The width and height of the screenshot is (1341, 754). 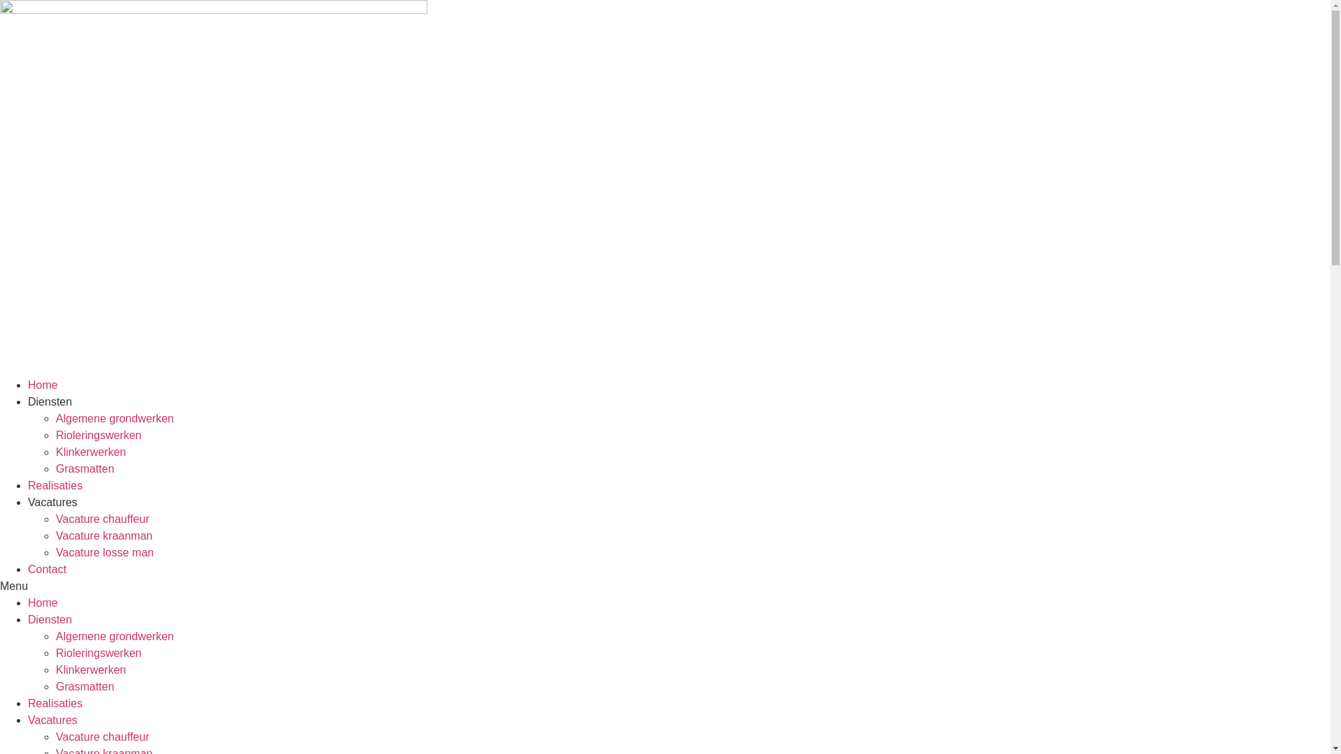 What do you see at coordinates (115, 417) in the screenshot?
I see `'Algemene grondwerken'` at bounding box center [115, 417].